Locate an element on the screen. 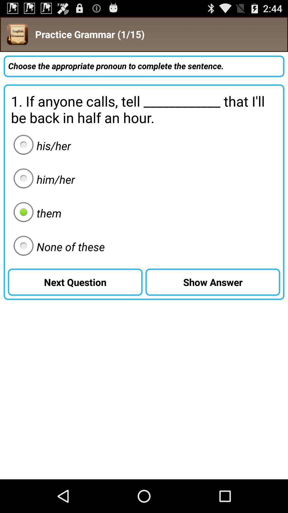 Image resolution: width=288 pixels, height=513 pixels. the icon below 1 if anyone icon is located at coordinates (213, 282).